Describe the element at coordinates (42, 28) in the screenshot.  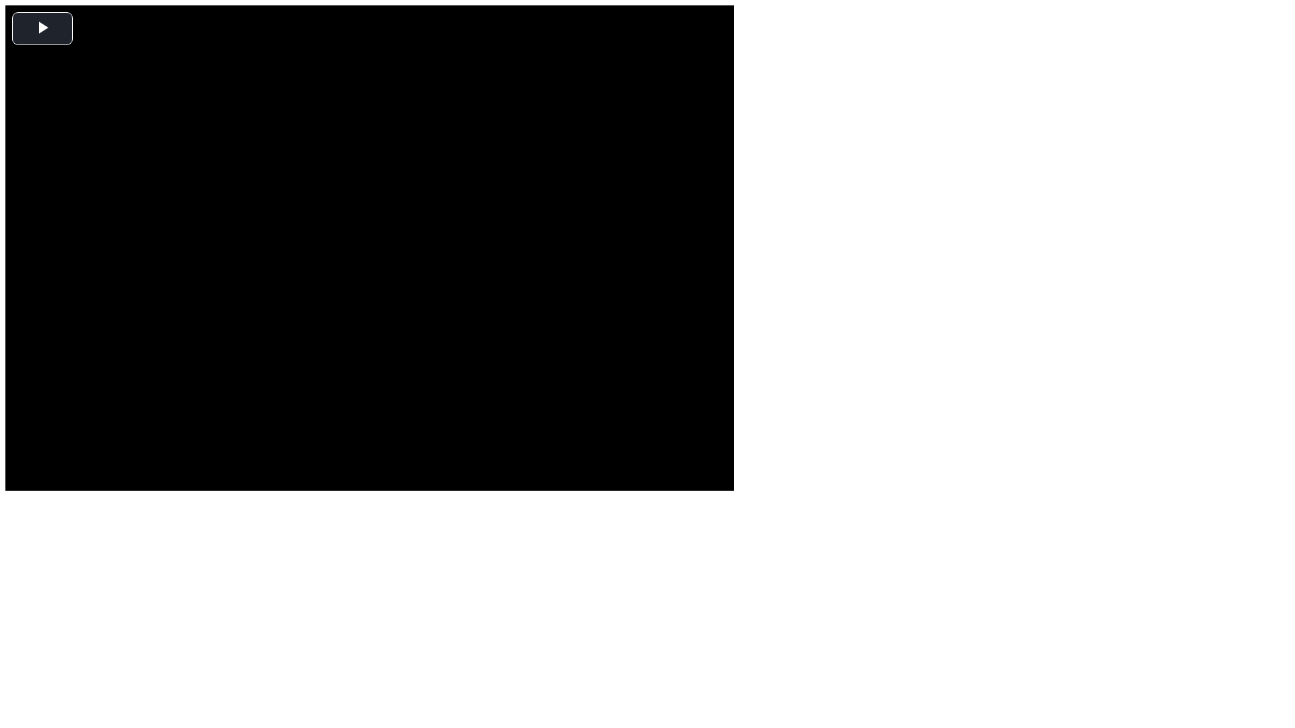
I see `'Play Video'` at that location.